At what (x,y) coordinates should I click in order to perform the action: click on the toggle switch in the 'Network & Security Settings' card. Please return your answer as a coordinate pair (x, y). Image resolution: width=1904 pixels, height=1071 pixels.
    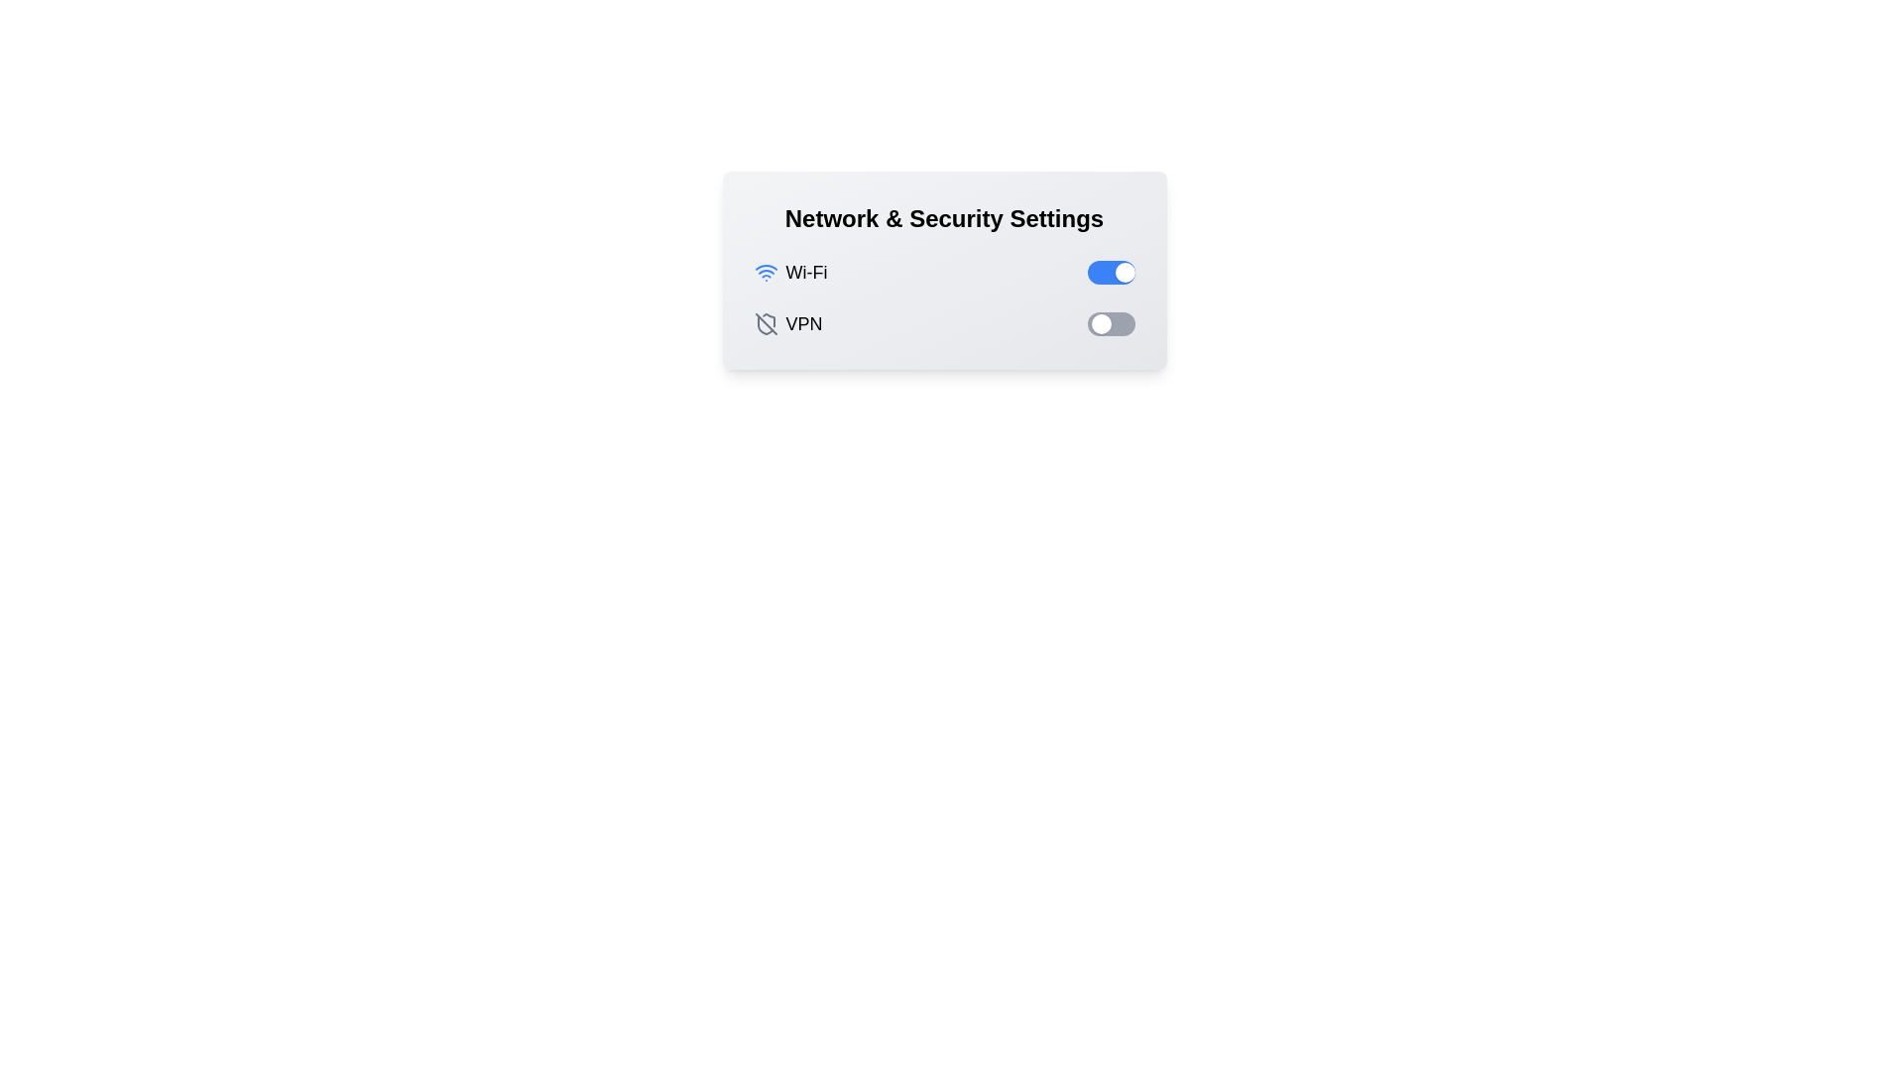
    Looking at the image, I should click on (1111, 323).